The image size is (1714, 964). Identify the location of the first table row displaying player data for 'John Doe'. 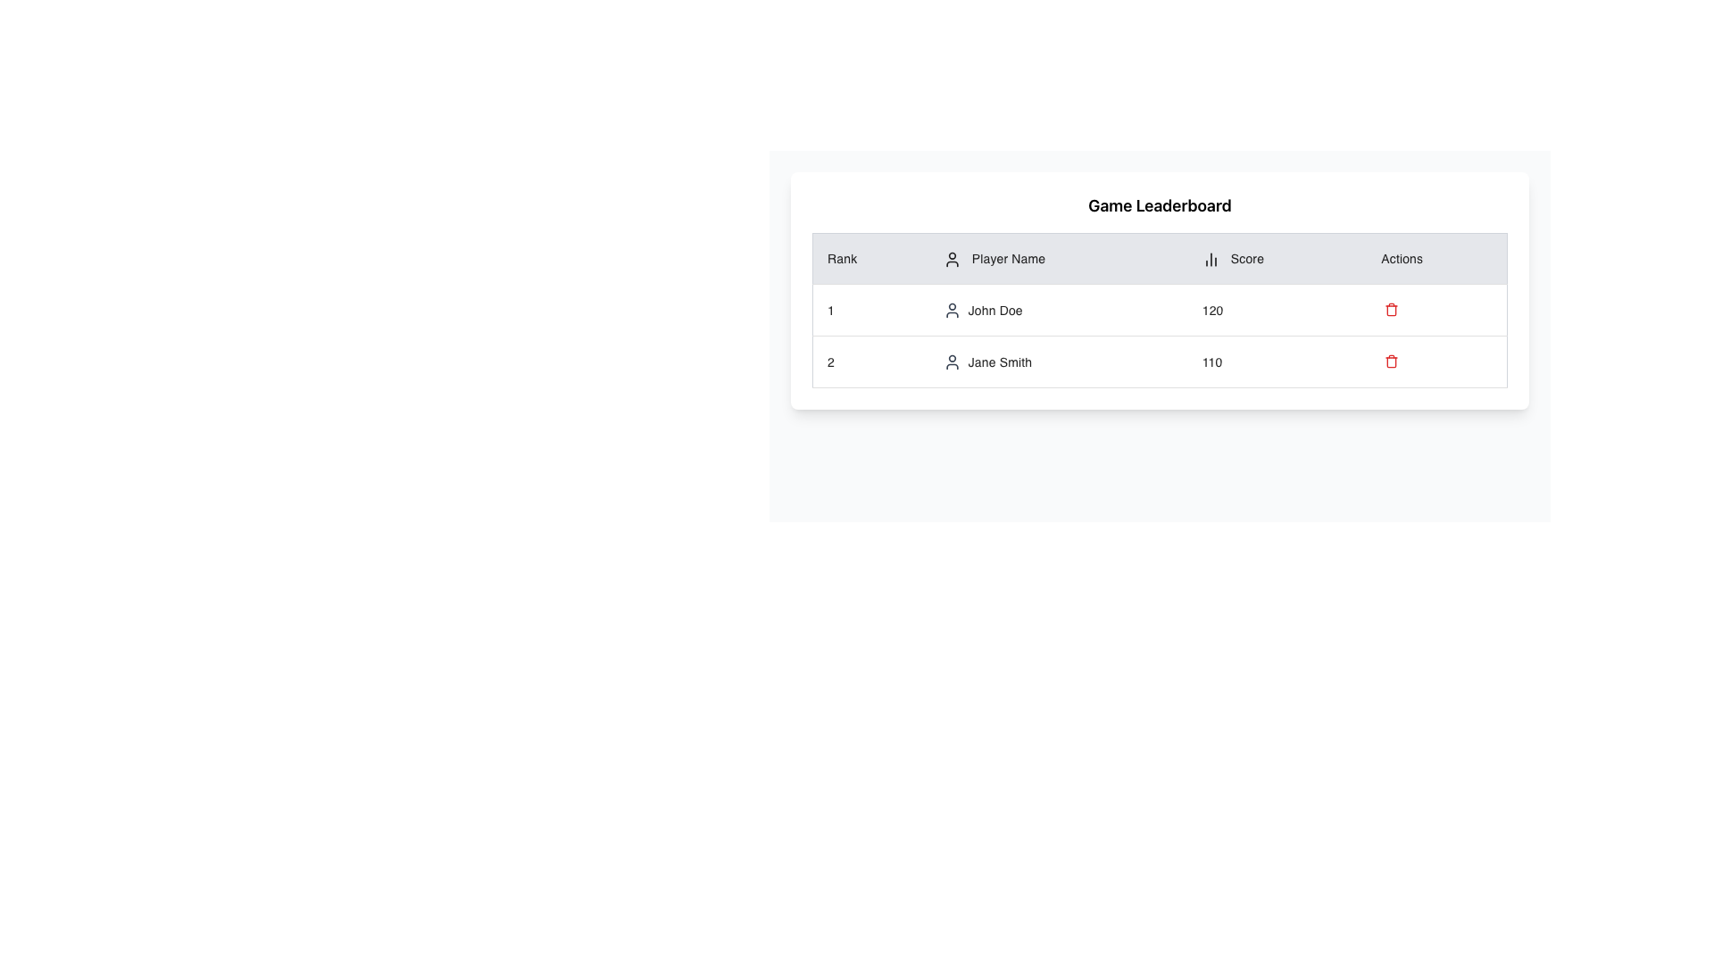
(1160, 336).